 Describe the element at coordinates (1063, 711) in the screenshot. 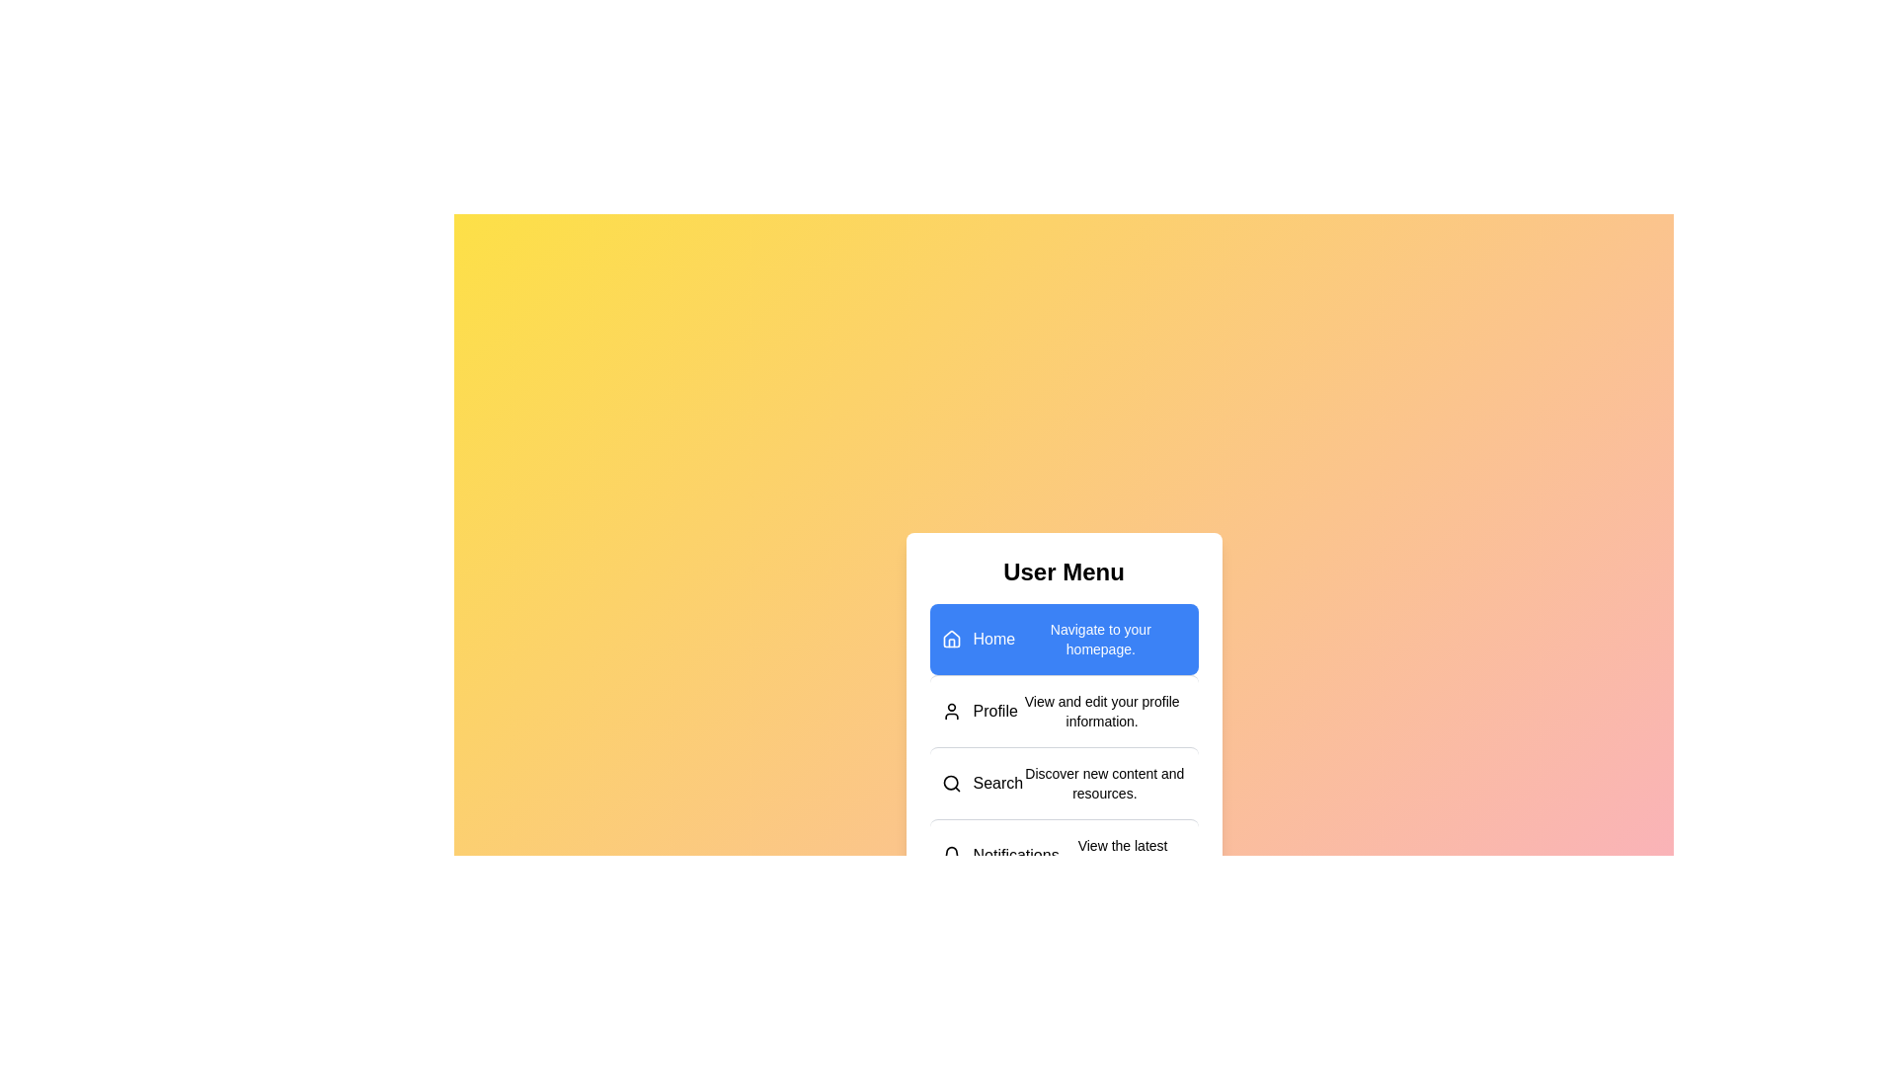

I see `the menu item labeled Profile to change the selected option` at that location.